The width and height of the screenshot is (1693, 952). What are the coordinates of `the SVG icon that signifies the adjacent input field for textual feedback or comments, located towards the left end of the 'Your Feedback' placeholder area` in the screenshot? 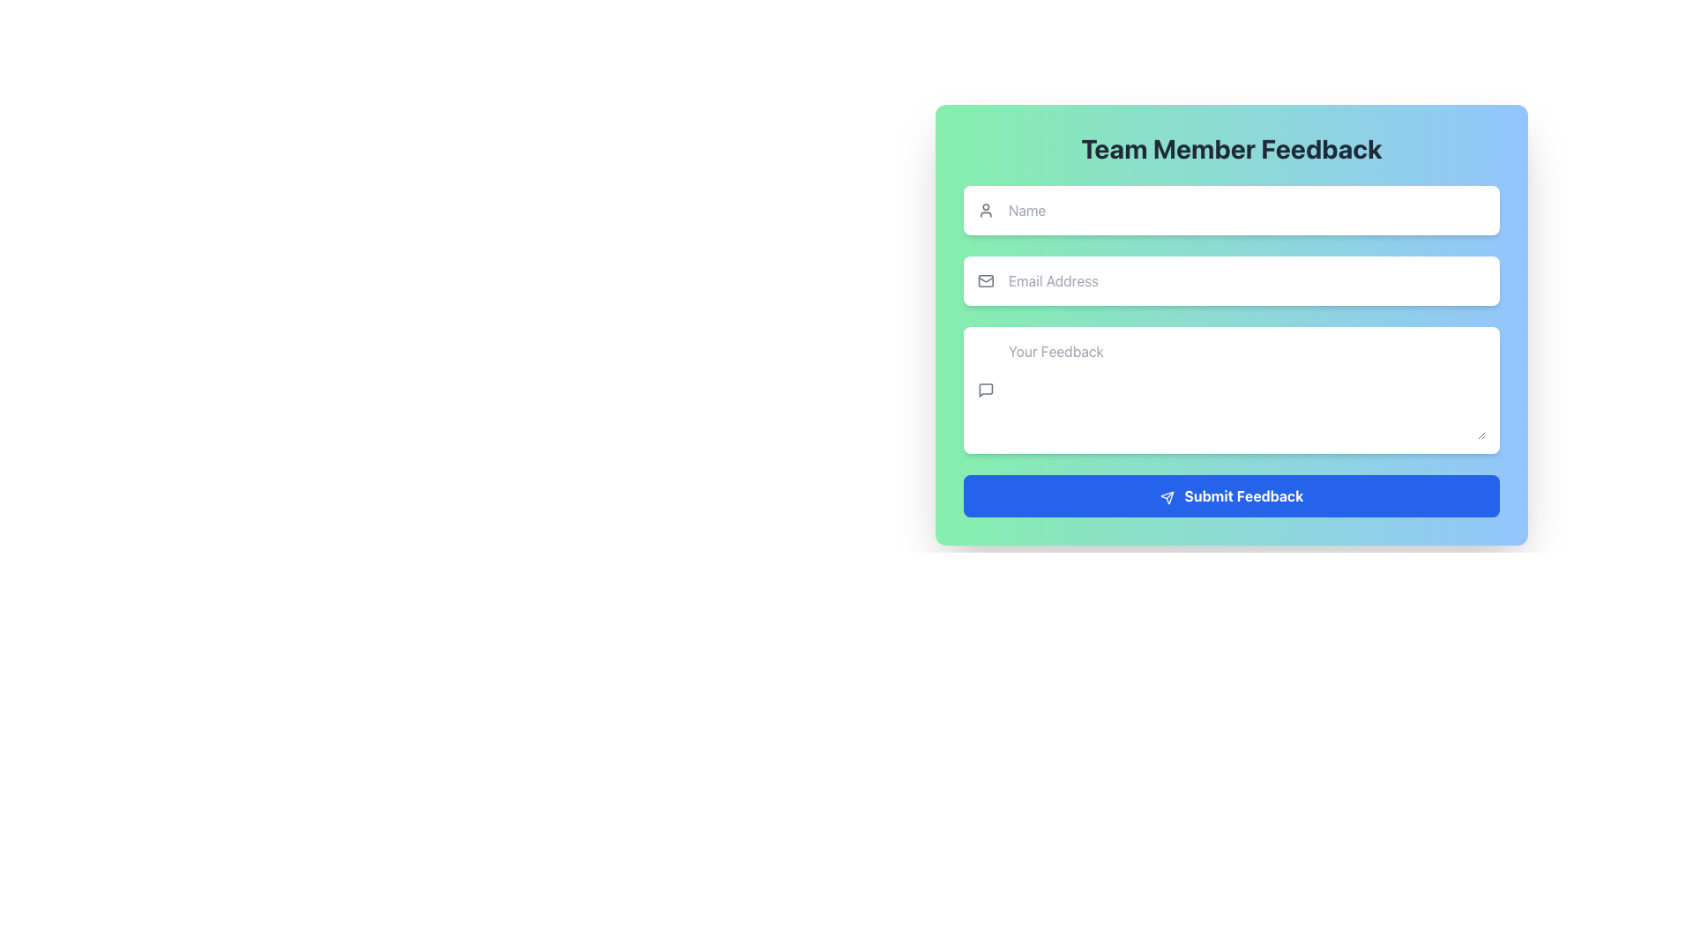 It's located at (985, 390).